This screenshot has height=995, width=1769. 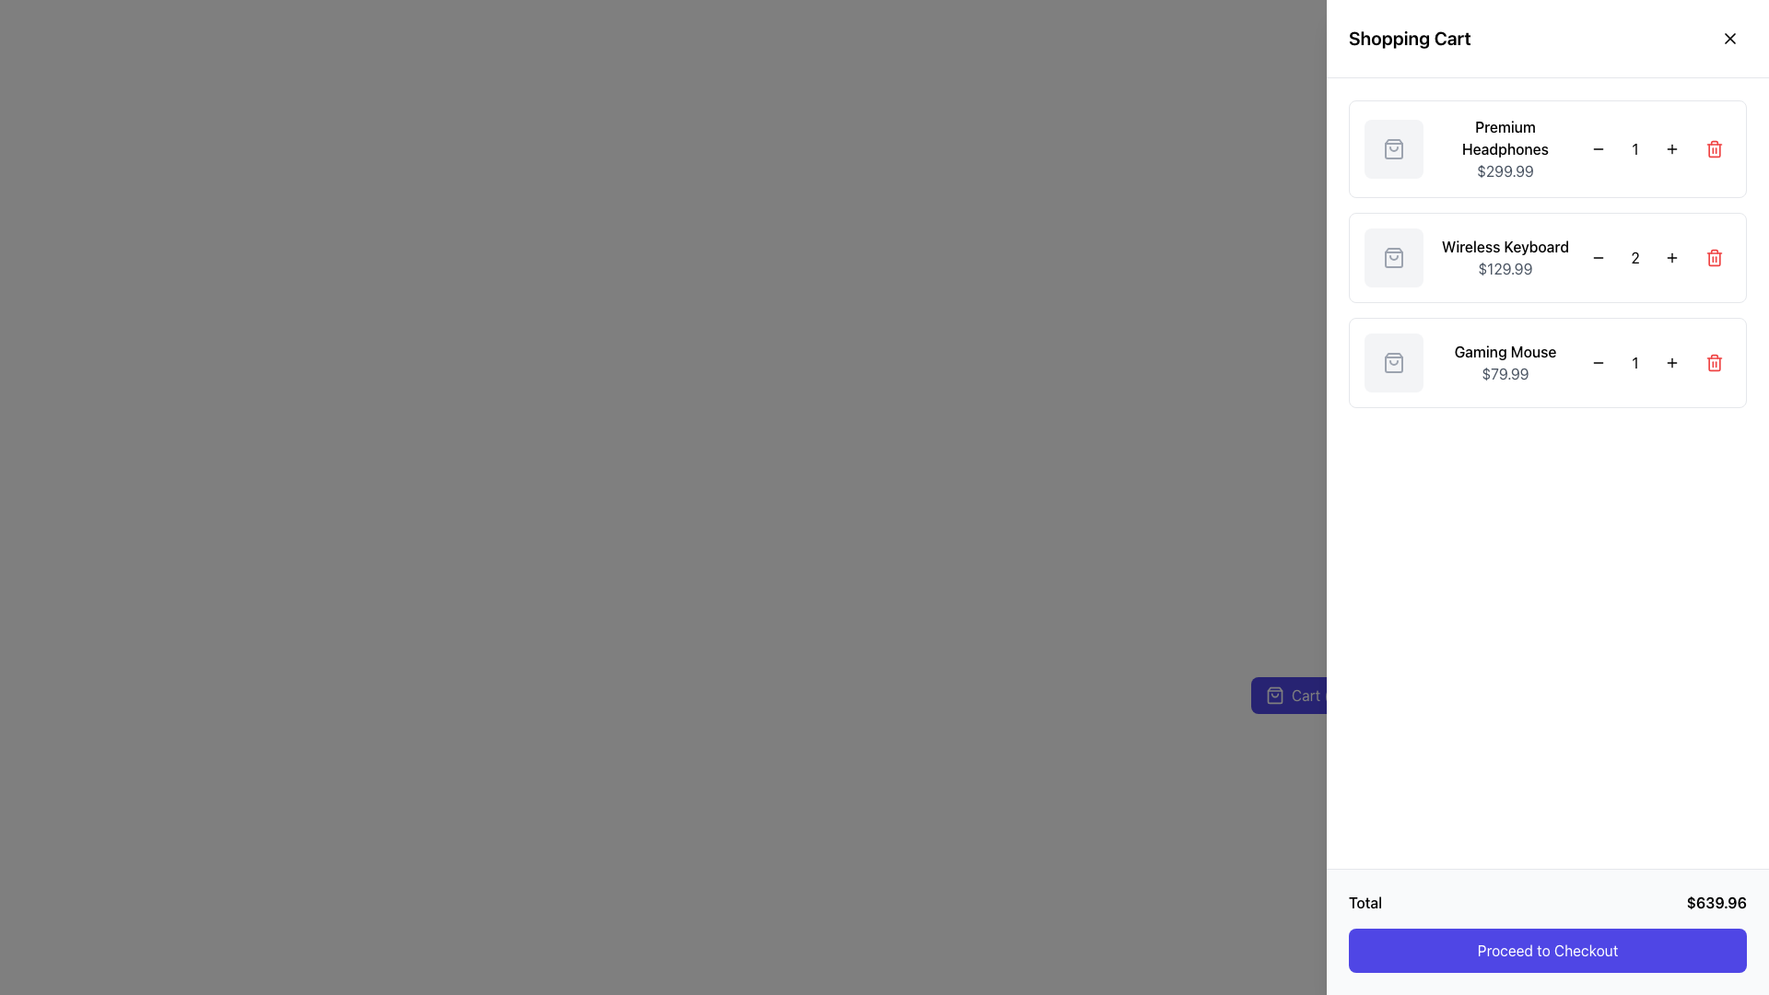 I want to click on value '1' displayed in the text box located between the decrement and increment buttons of the quantity selector for 'Premium Headphones' priced at '$299.99', so click(x=1635, y=148).